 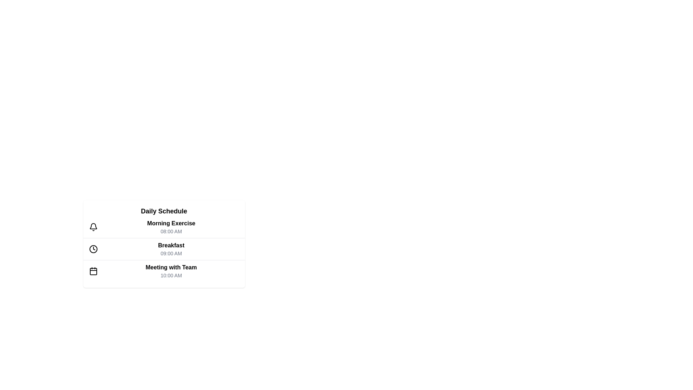 I want to click on the scheduled event list item titled 'Meeting with Team' at 10:00 AM, so click(x=171, y=271).